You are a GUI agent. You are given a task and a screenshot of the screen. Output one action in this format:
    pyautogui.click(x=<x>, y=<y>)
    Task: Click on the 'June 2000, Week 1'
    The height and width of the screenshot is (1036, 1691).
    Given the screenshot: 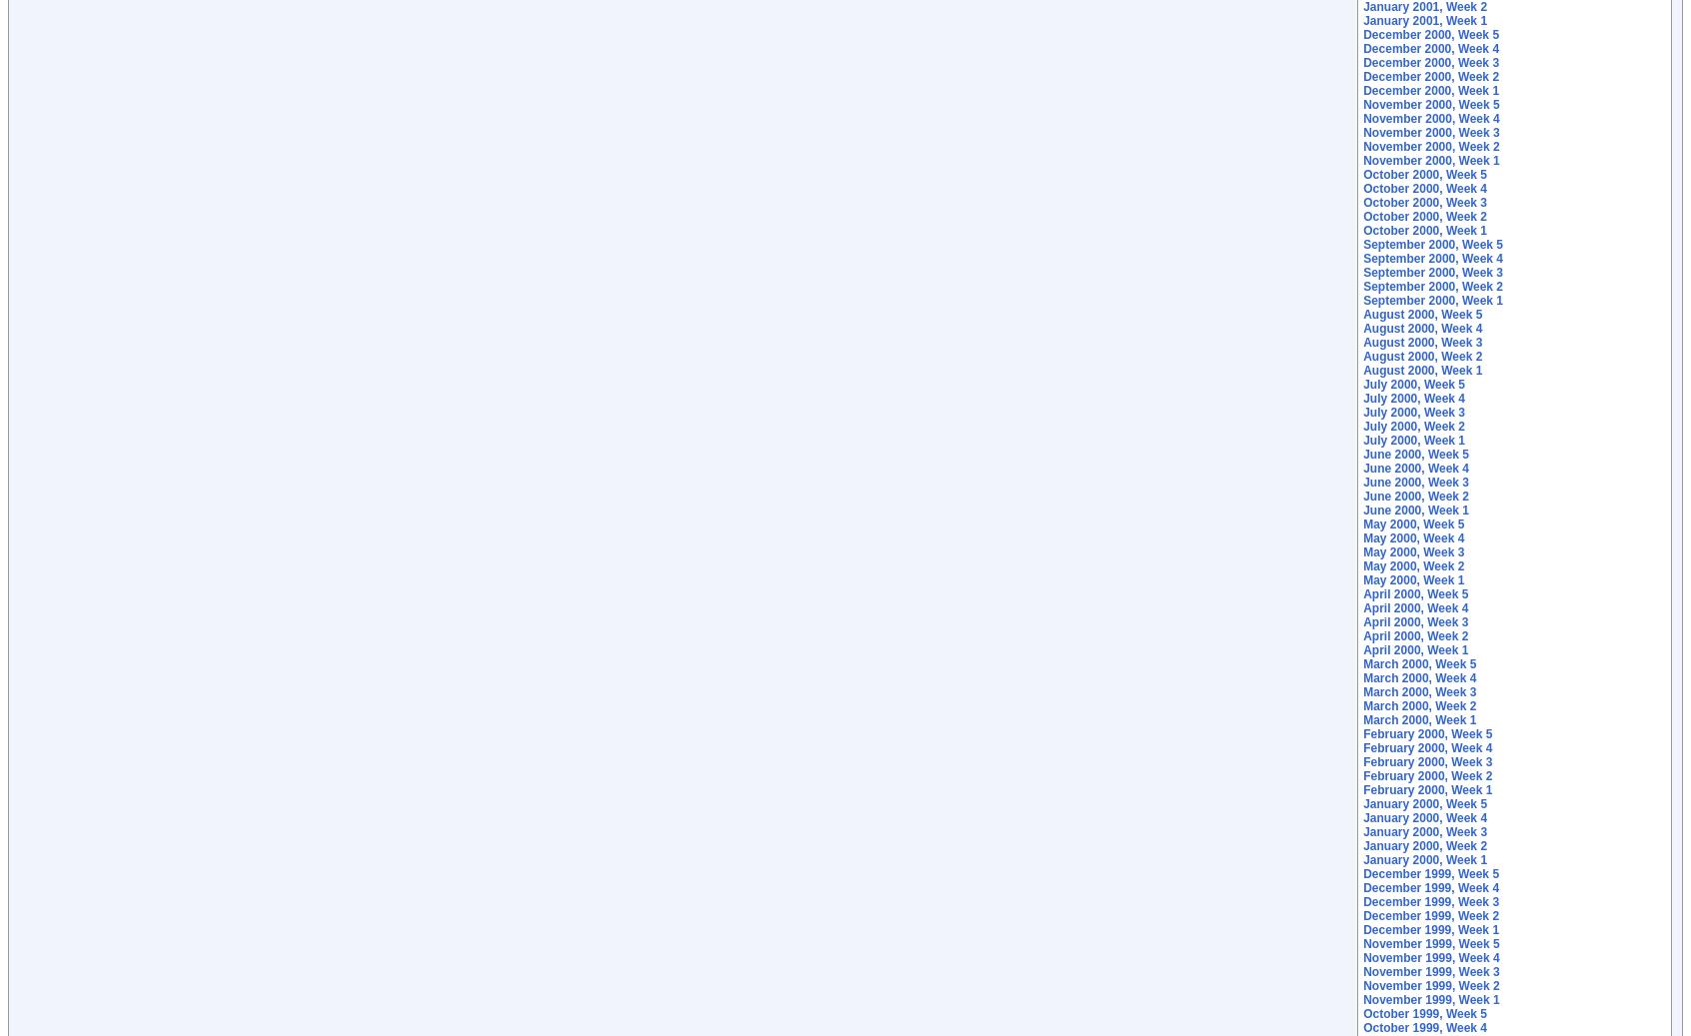 What is the action you would take?
    pyautogui.click(x=1362, y=510)
    